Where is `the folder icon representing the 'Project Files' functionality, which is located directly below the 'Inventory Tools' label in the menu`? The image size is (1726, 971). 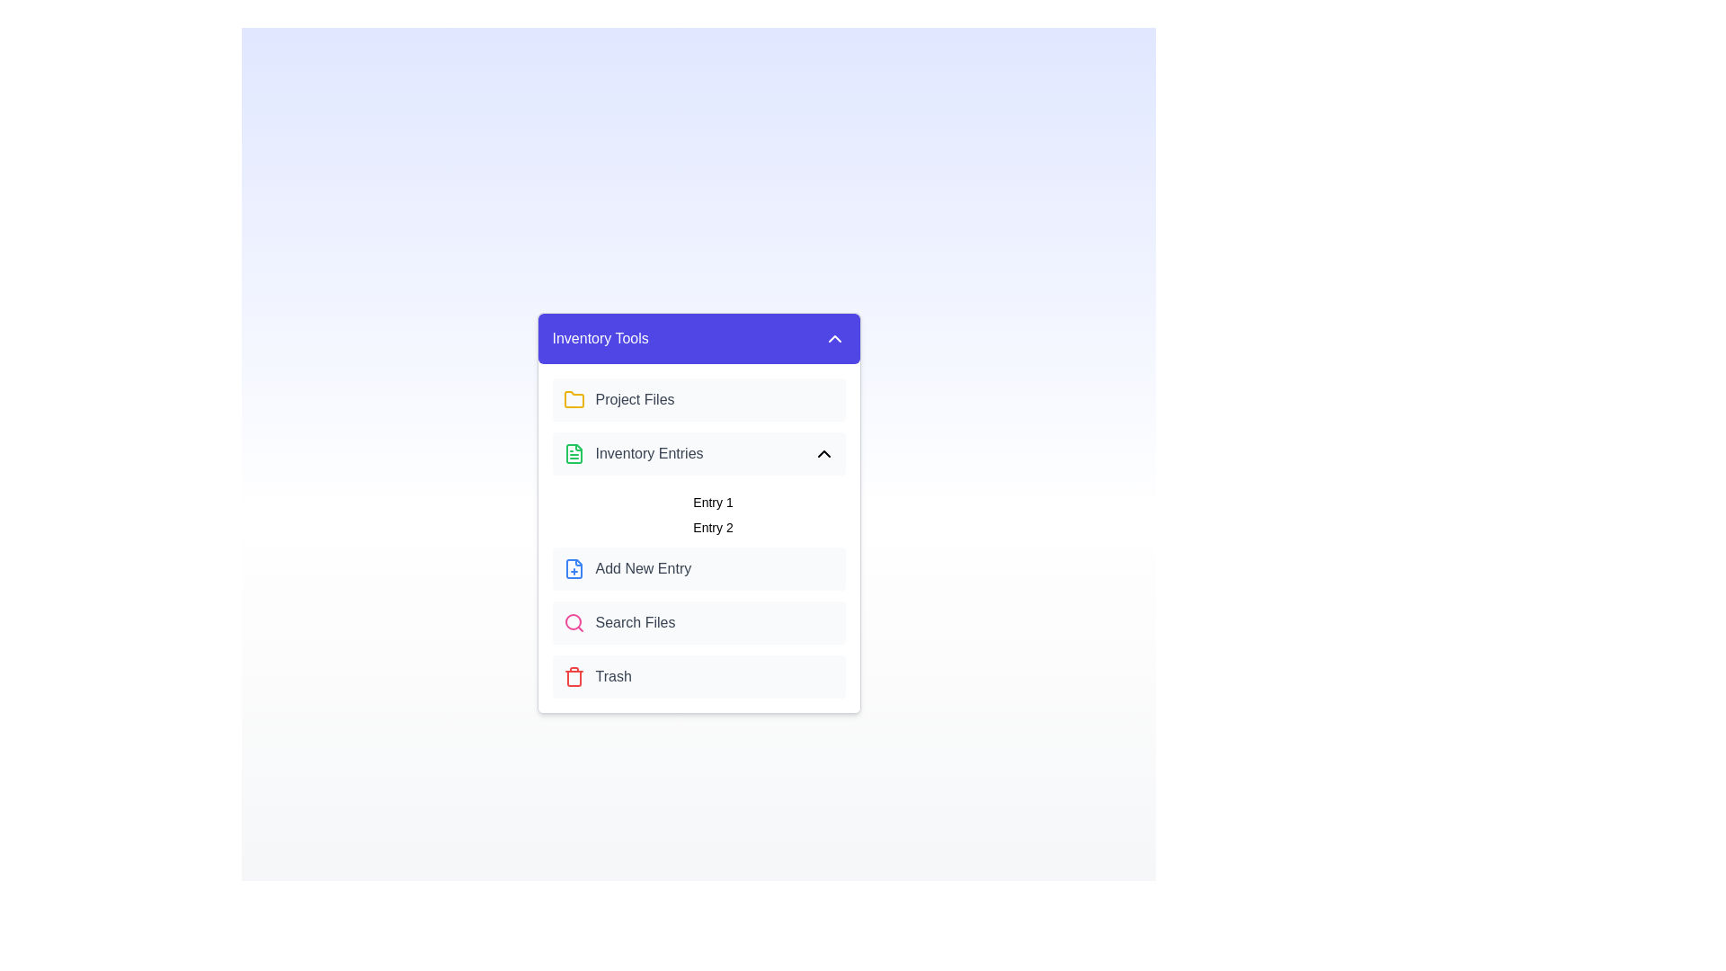
the folder icon representing the 'Project Files' functionality, which is located directly below the 'Inventory Tools' label in the menu is located at coordinates (573, 398).